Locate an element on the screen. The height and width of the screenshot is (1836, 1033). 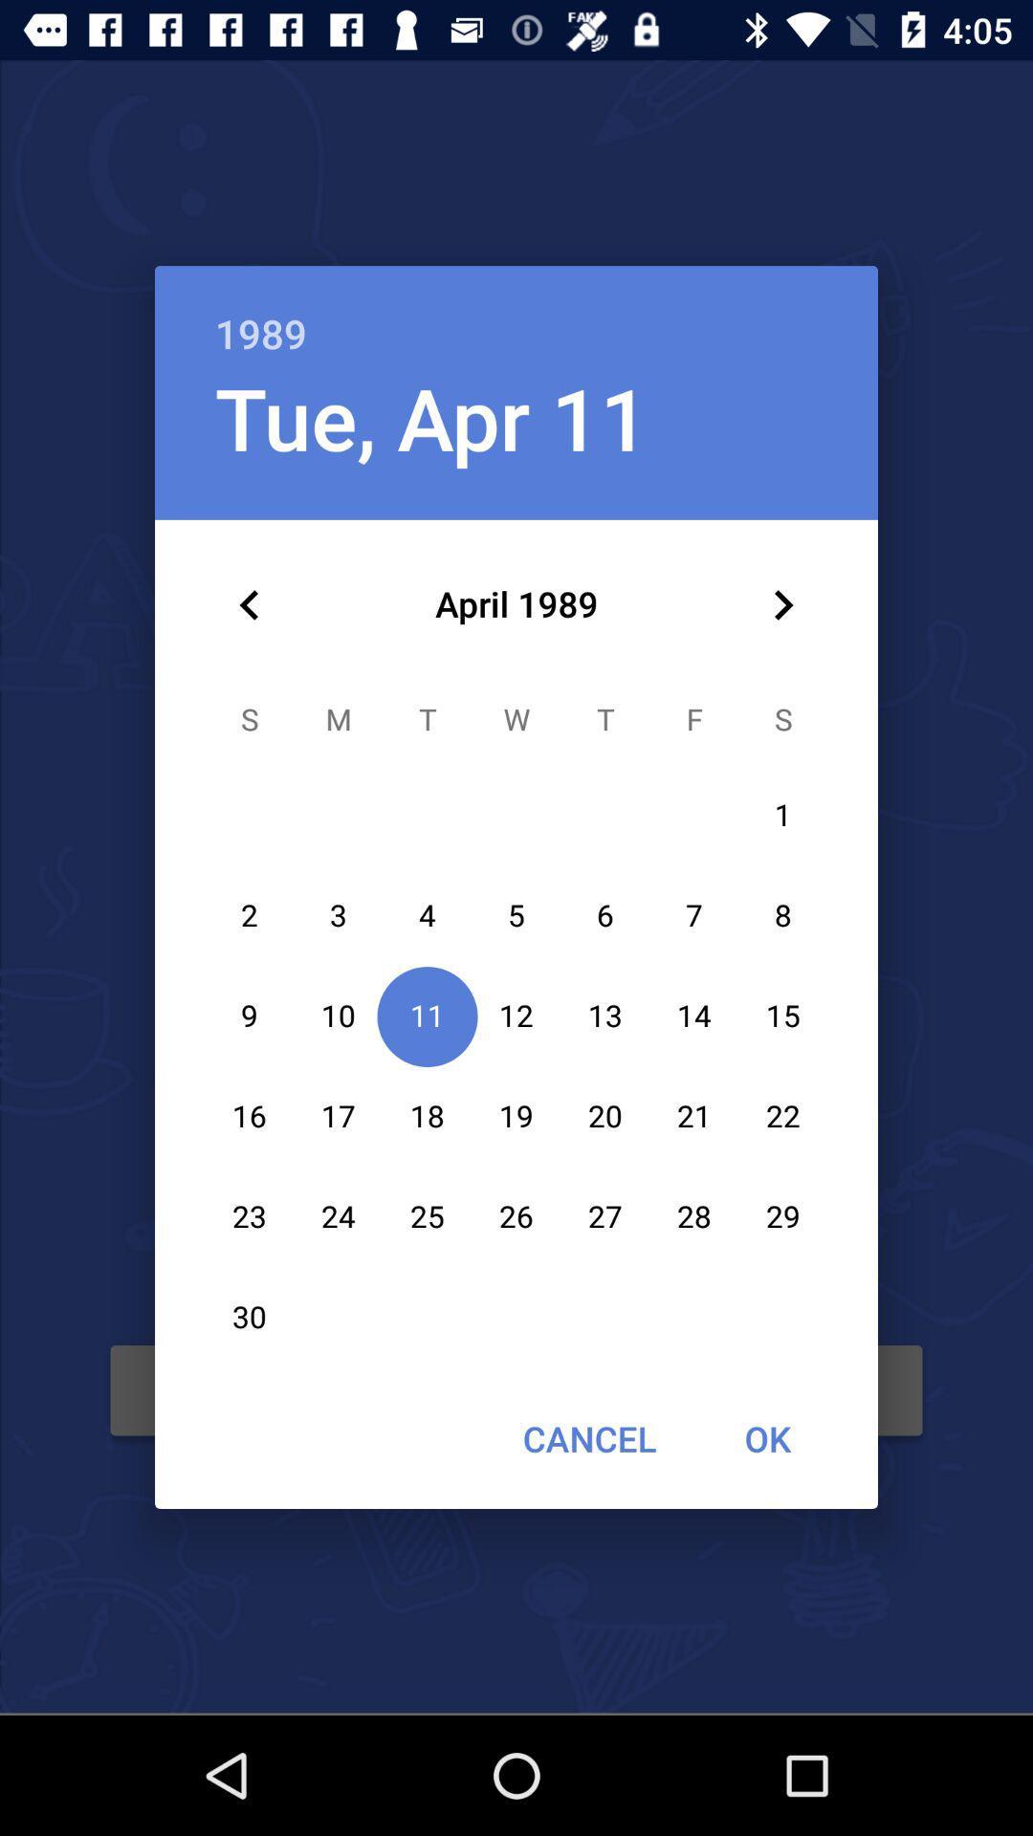
ok item is located at coordinates (766, 1438).